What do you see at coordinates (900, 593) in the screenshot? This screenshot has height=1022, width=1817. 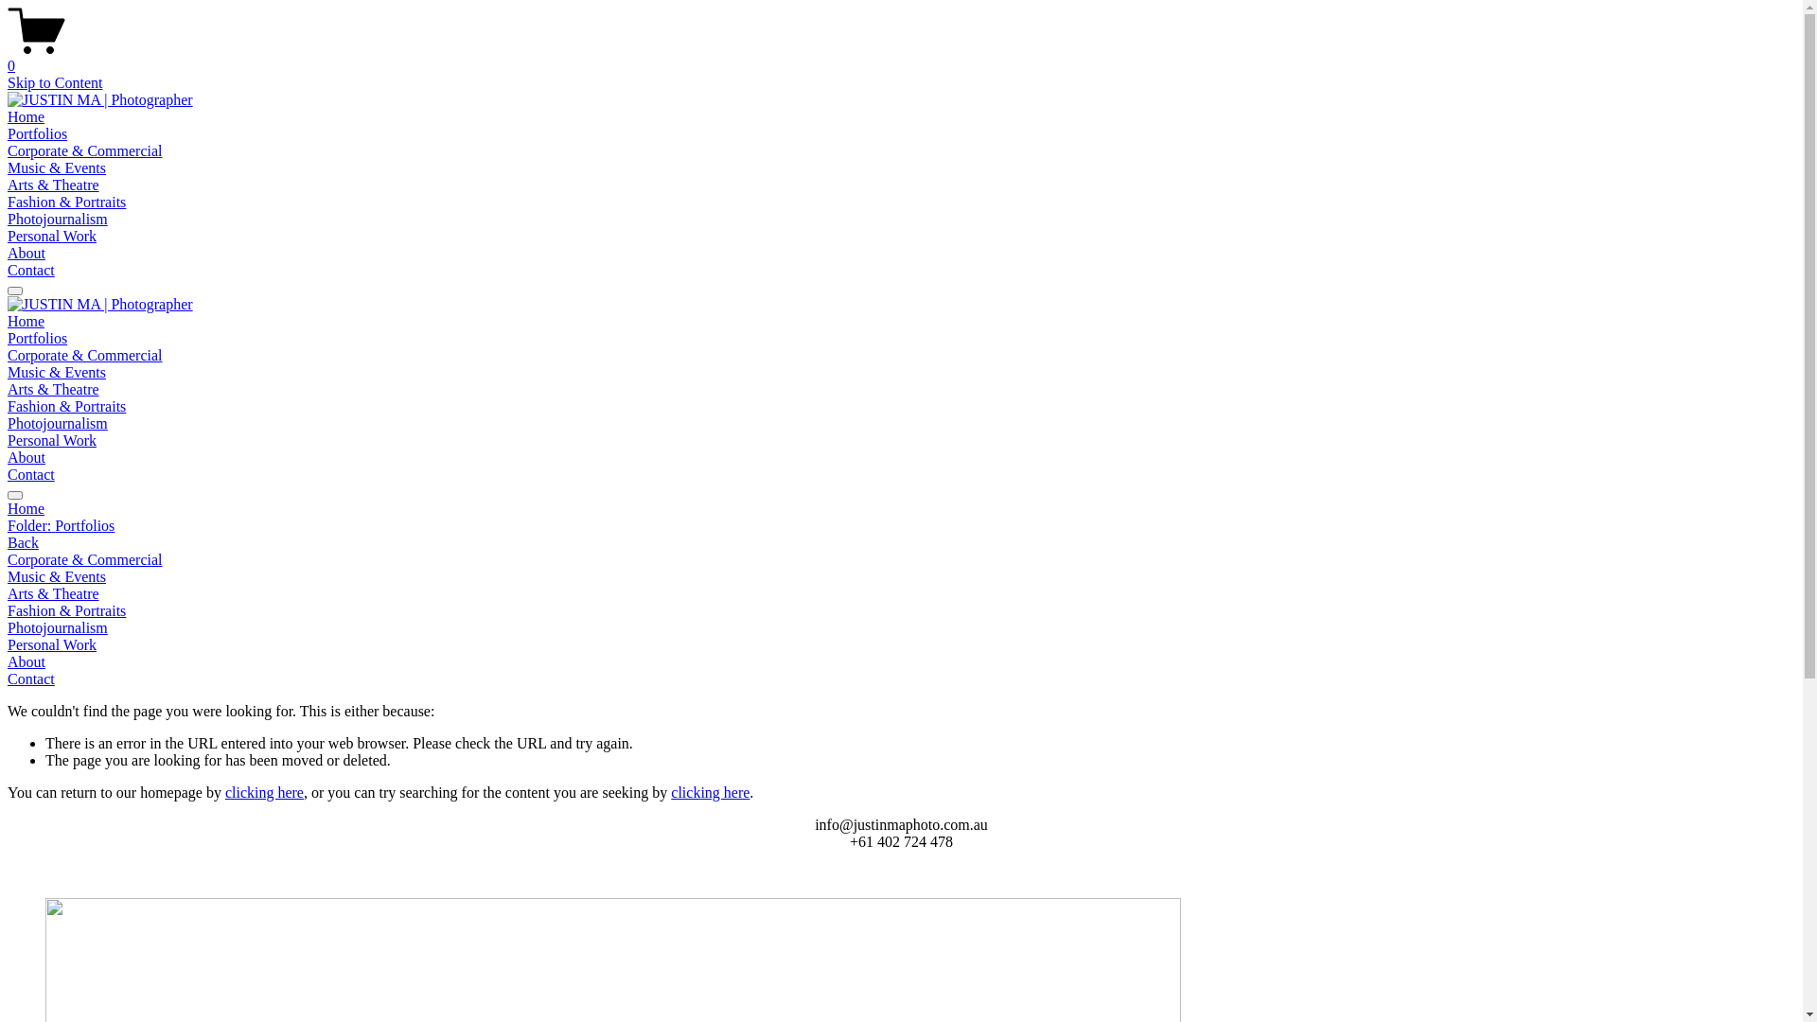 I see `'Arts & Theatre'` at bounding box center [900, 593].